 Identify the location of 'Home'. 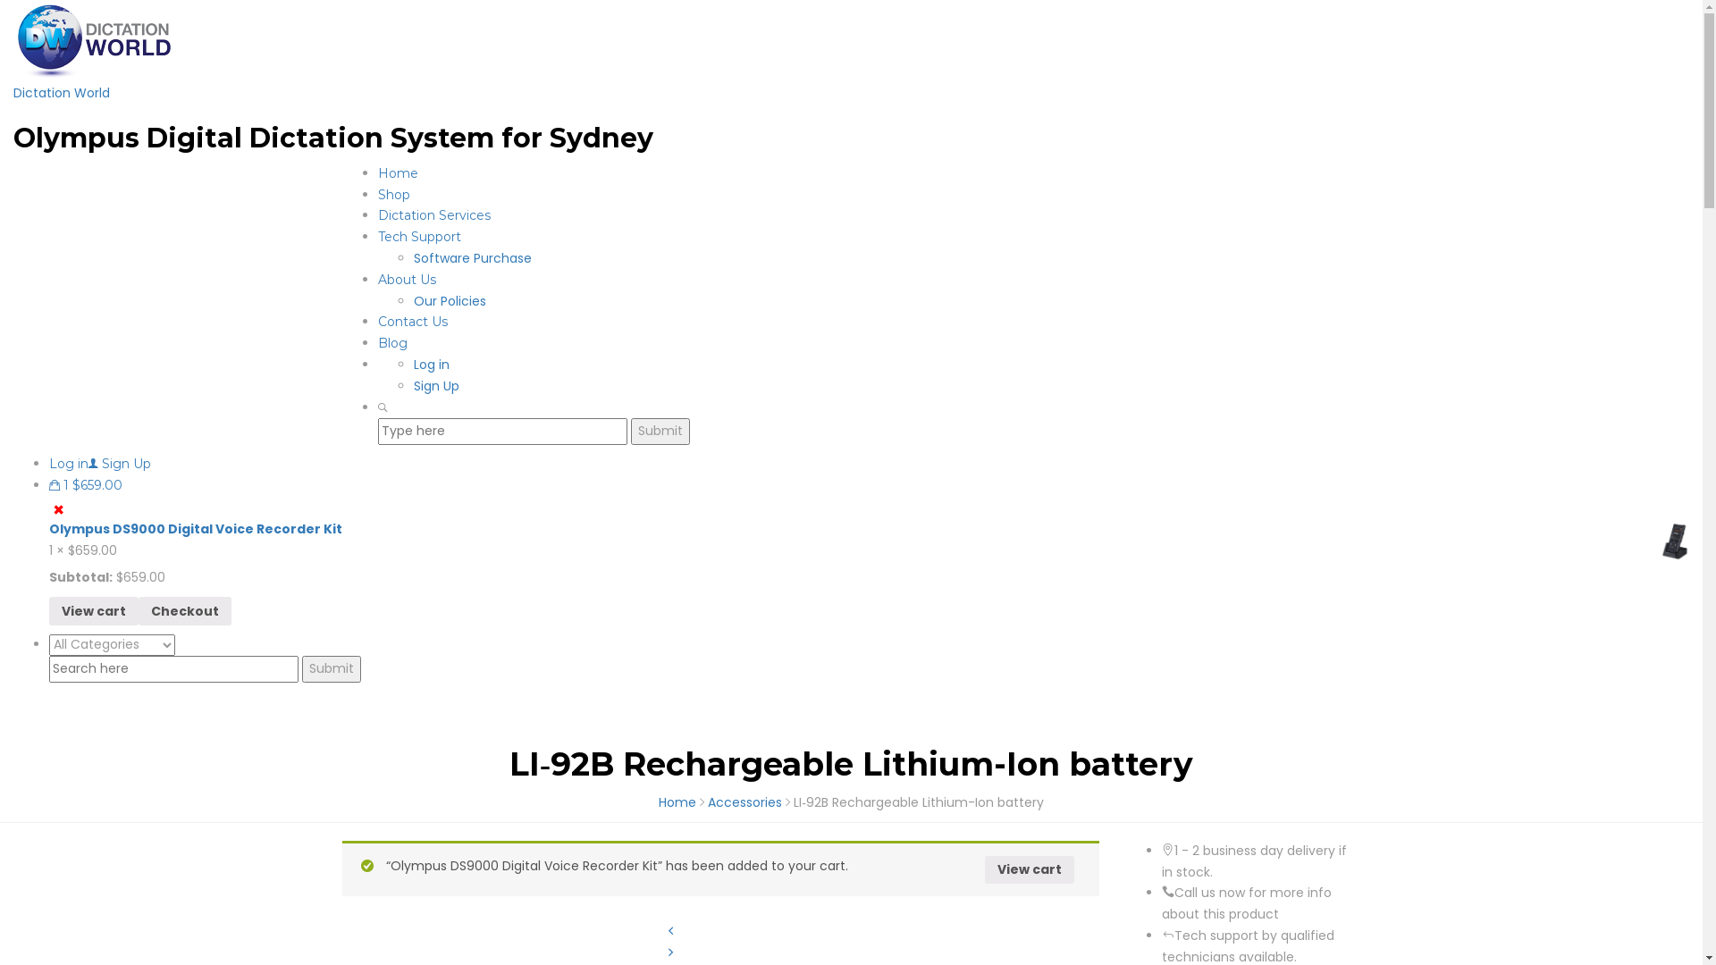
(396, 172).